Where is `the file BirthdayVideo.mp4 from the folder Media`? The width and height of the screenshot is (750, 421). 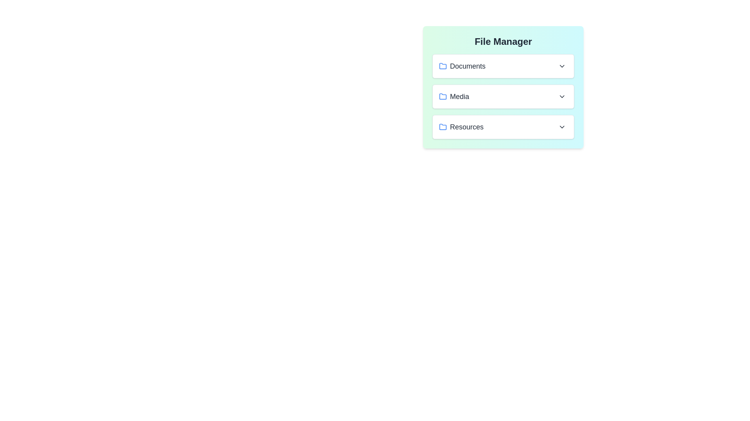 the file BirthdayVideo.mp4 from the folder Media is located at coordinates (503, 96).